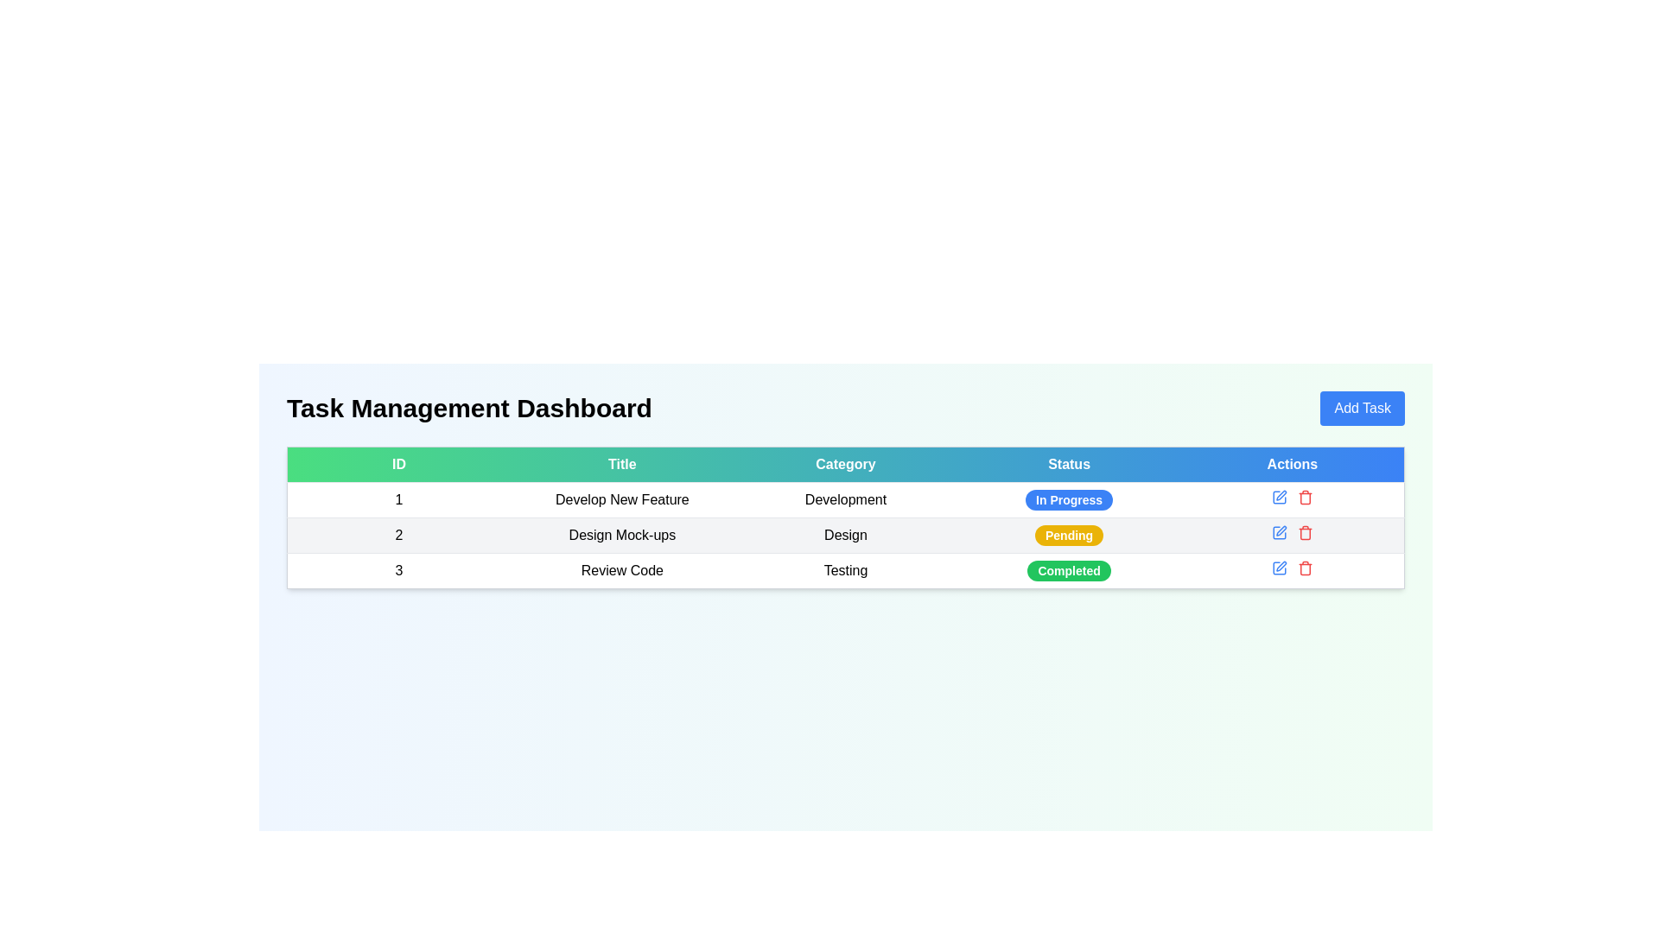 This screenshot has height=933, width=1659. Describe the element at coordinates (1279, 532) in the screenshot. I see `the Icon Button located in the 'Actions' column of the second row of the table` at that location.